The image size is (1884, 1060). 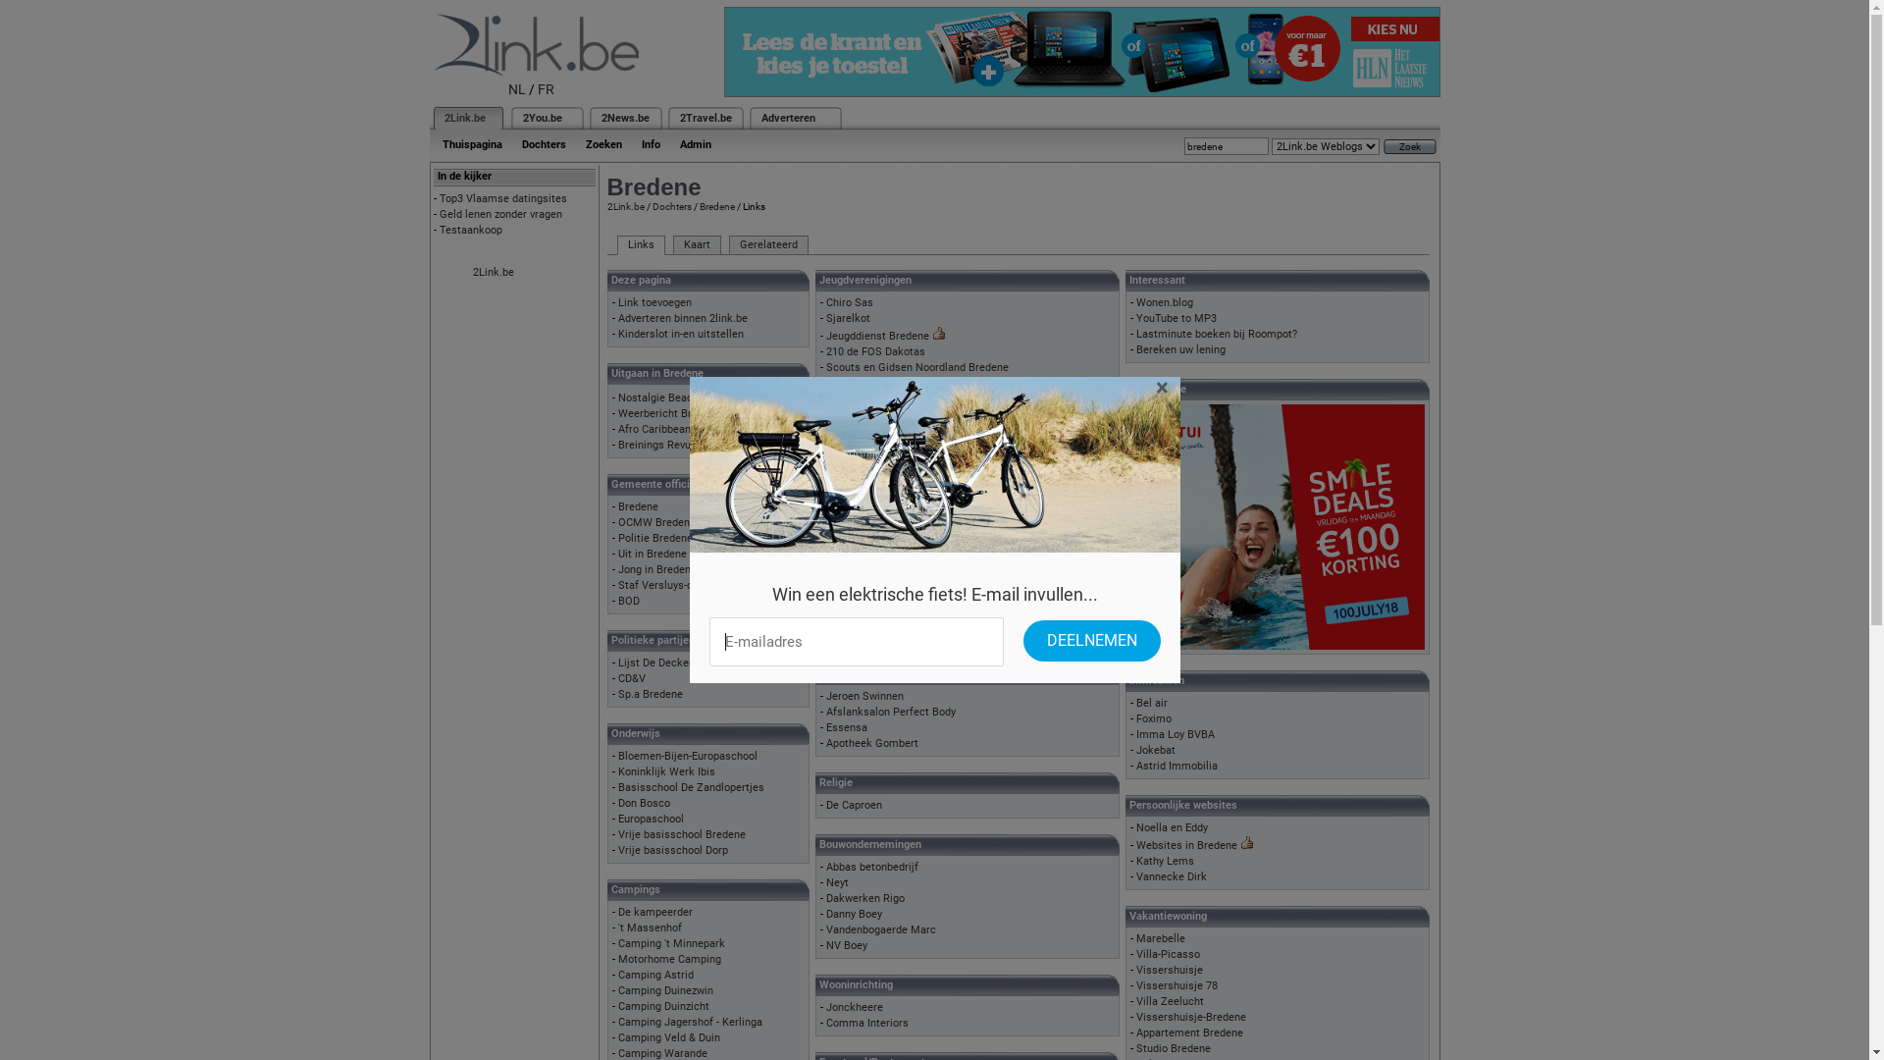 I want to click on 'Thuispagina', so click(x=471, y=143).